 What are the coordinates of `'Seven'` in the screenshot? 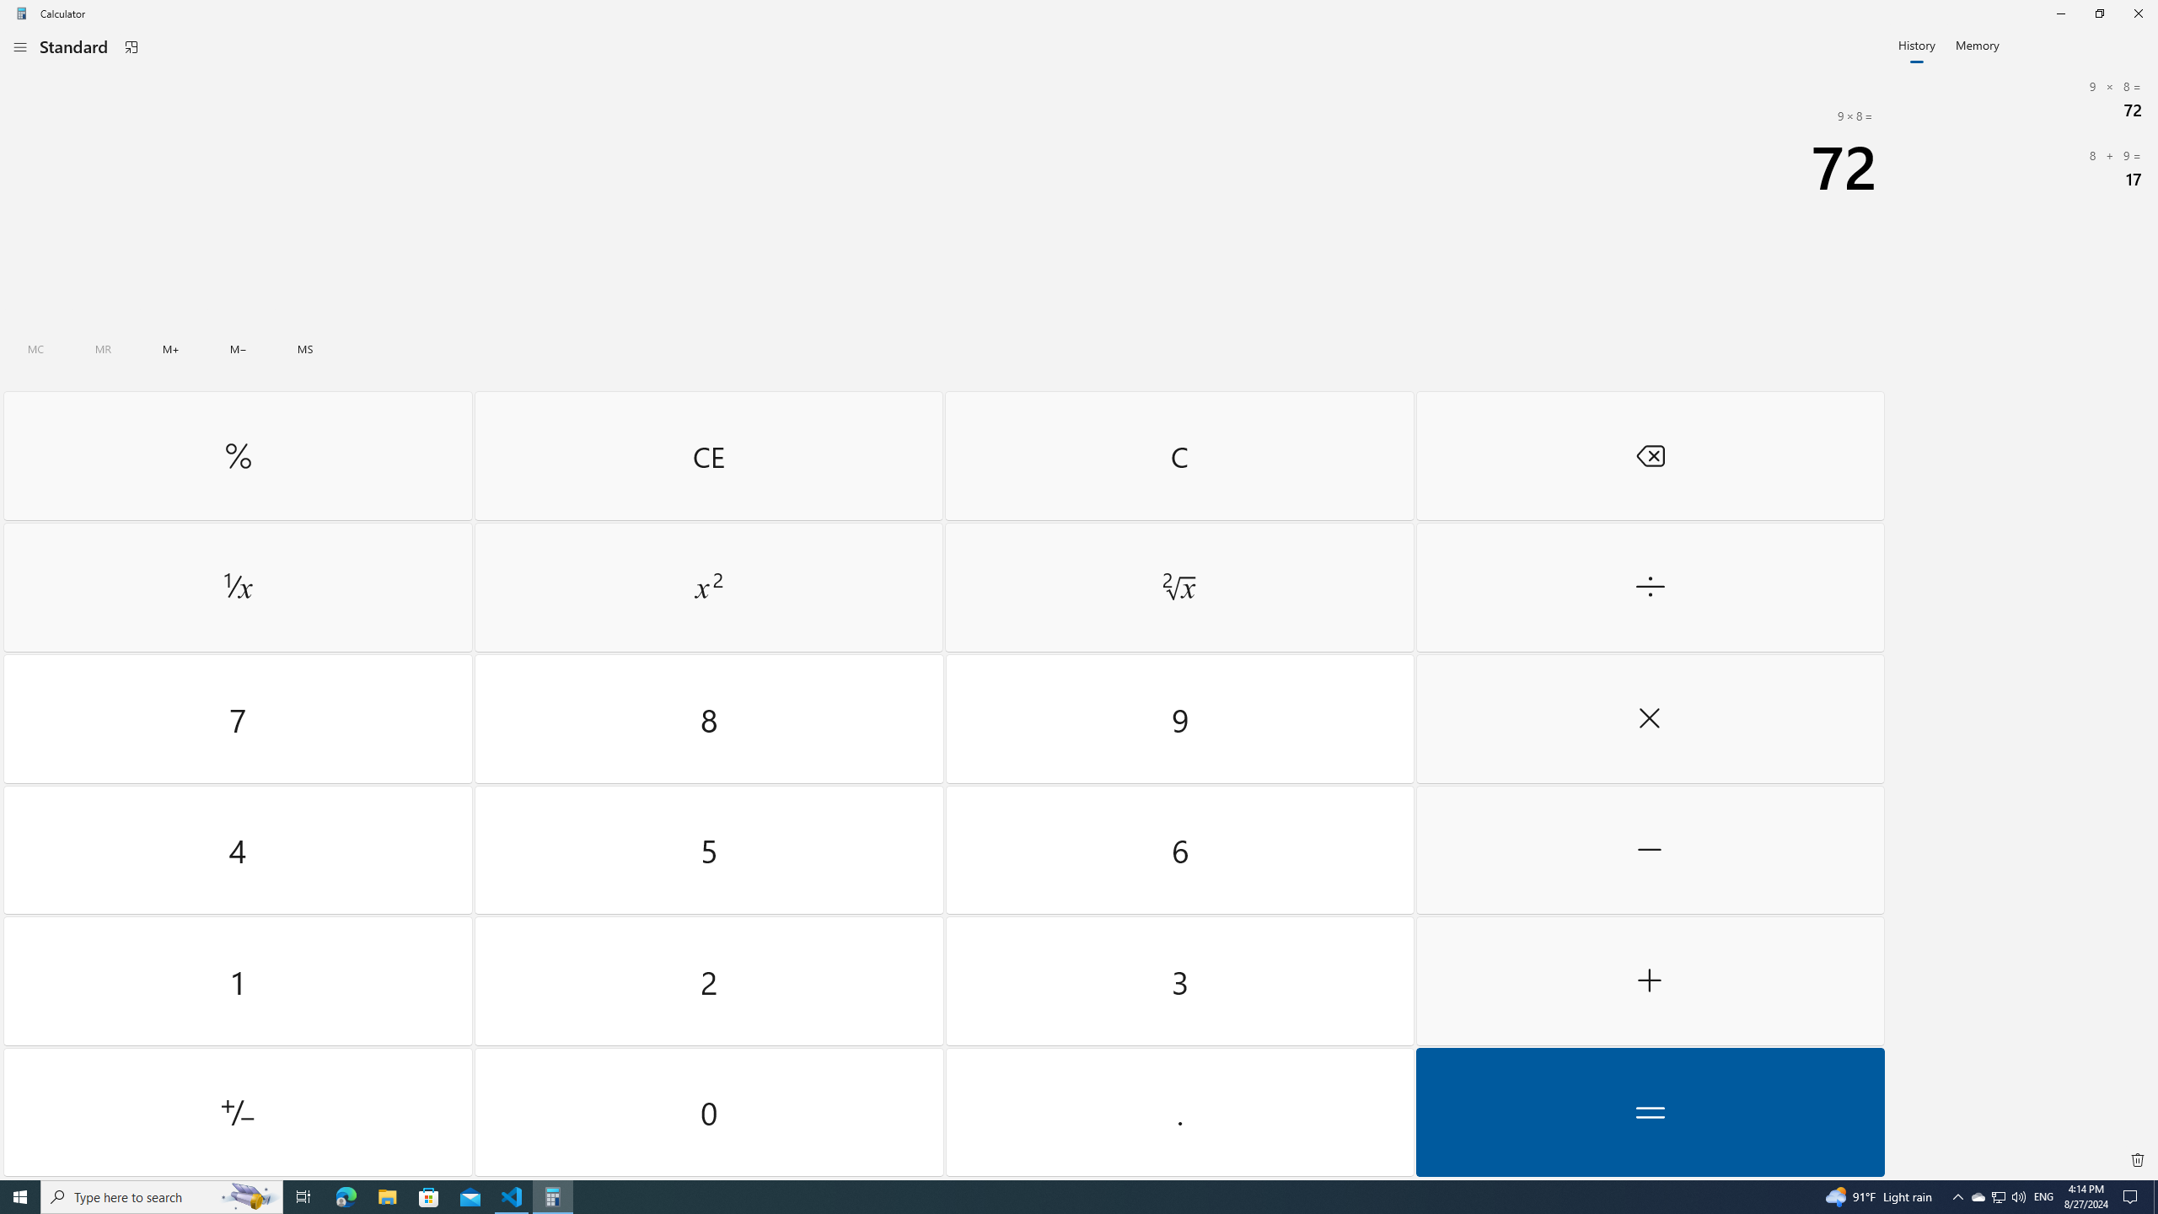 It's located at (237, 719).